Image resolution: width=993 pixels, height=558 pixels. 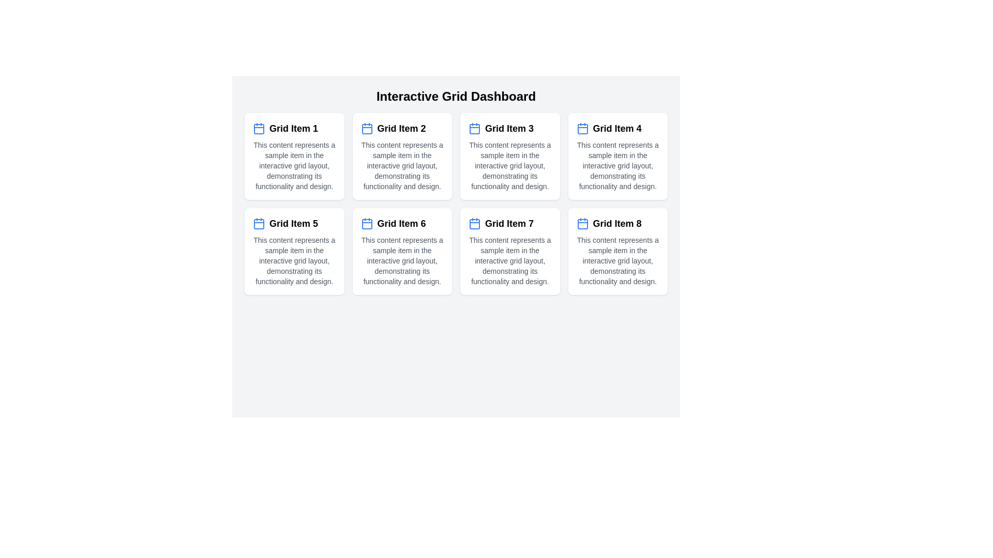 What do you see at coordinates (401, 223) in the screenshot?
I see `the grid item associated with the text label located in the sixth grid item, which is positioned in the second row and second column from the left, to the right of an icon` at bounding box center [401, 223].